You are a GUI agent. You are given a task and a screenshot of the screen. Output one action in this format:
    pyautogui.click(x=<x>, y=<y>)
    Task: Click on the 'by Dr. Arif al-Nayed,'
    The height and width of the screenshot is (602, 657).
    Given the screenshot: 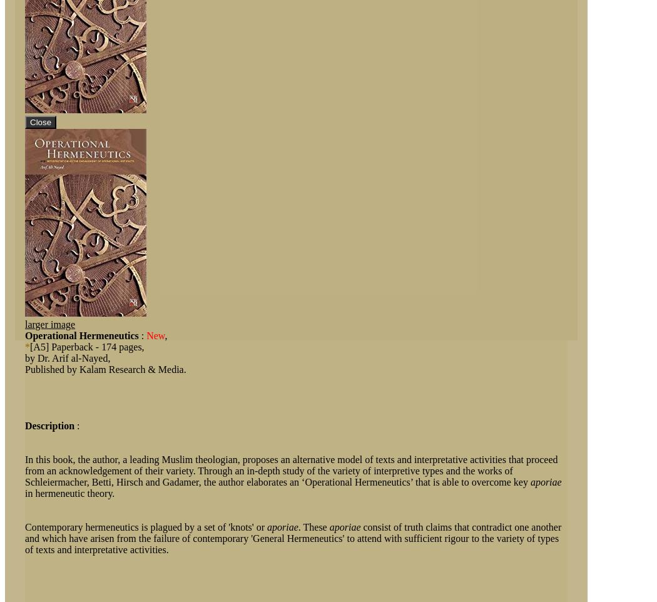 What is the action you would take?
    pyautogui.click(x=68, y=358)
    